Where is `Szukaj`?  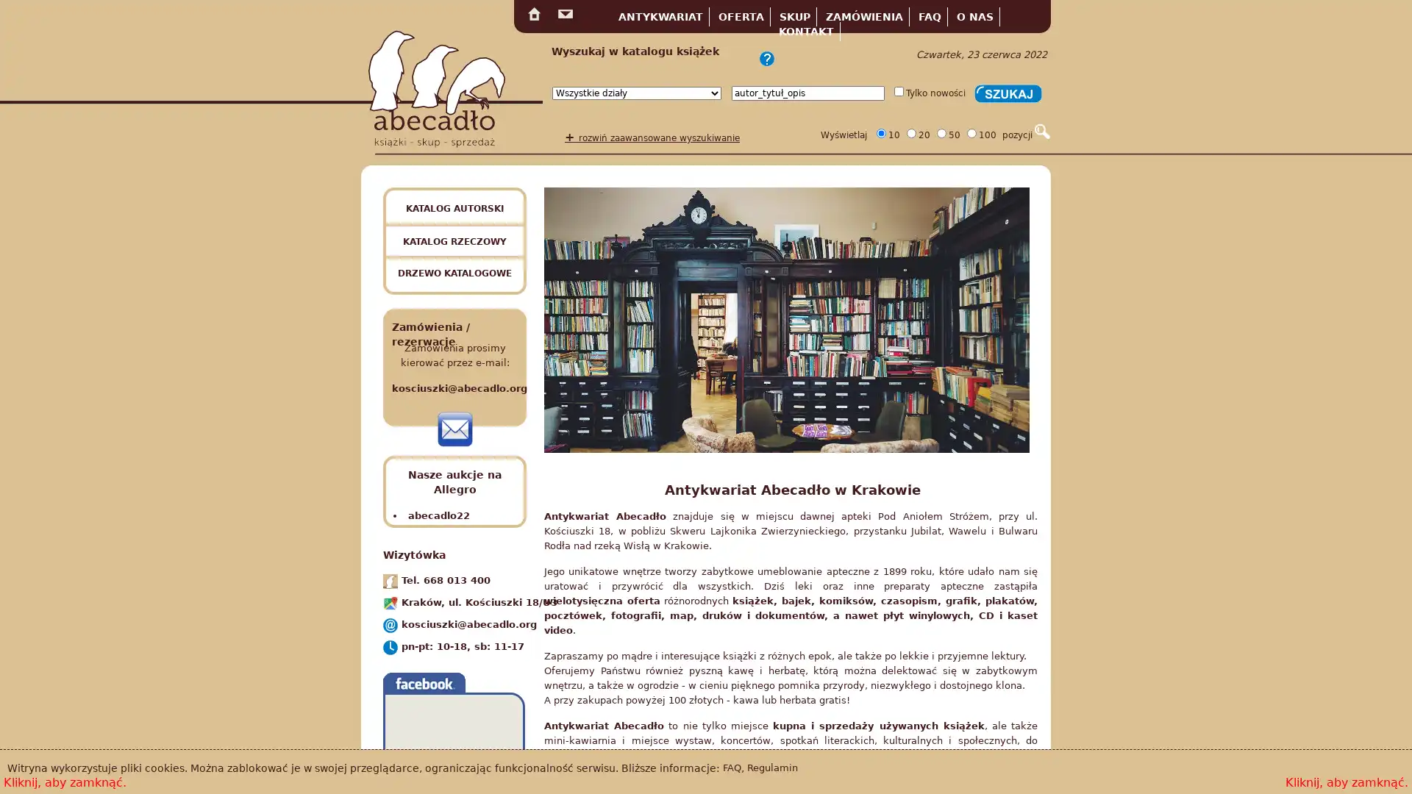
Szukaj is located at coordinates (1008, 93).